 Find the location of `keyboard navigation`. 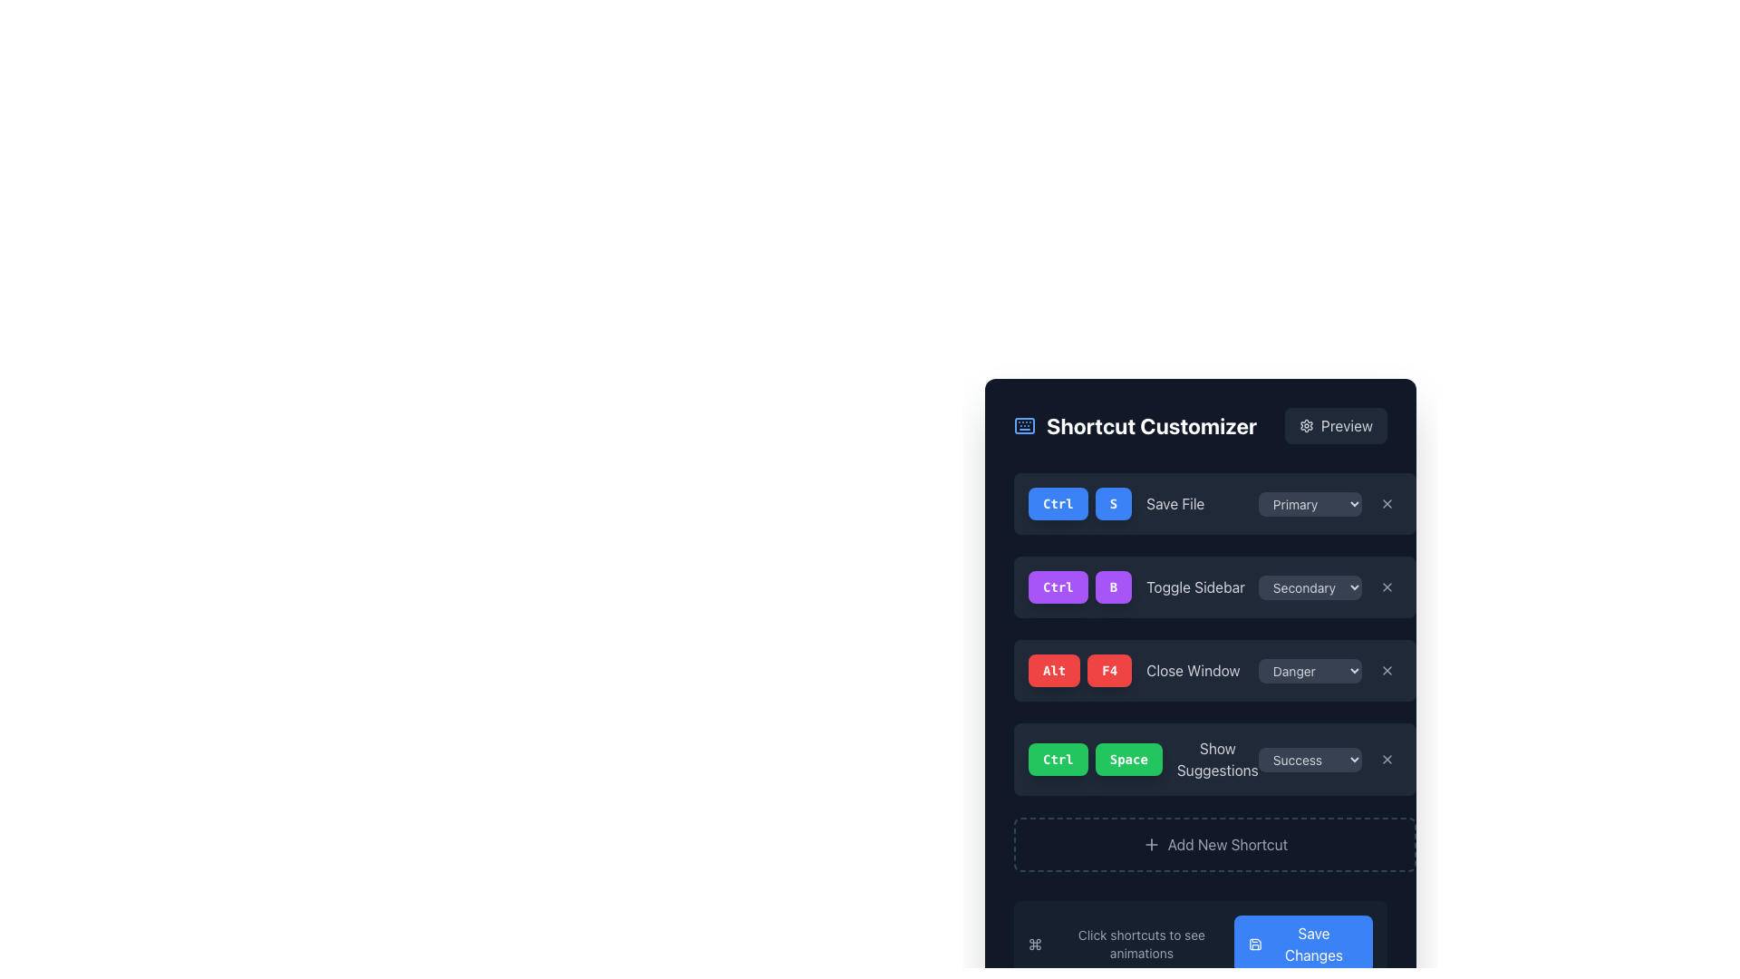

keyboard navigation is located at coordinates (1386, 503).